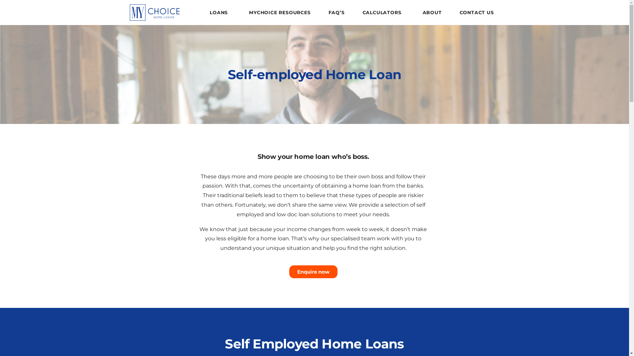 The height and width of the screenshot is (356, 634). What do you see at coordinates (200, 13) in the screenshot?
I see `'LOANS'` at bounding box center [200, 13].